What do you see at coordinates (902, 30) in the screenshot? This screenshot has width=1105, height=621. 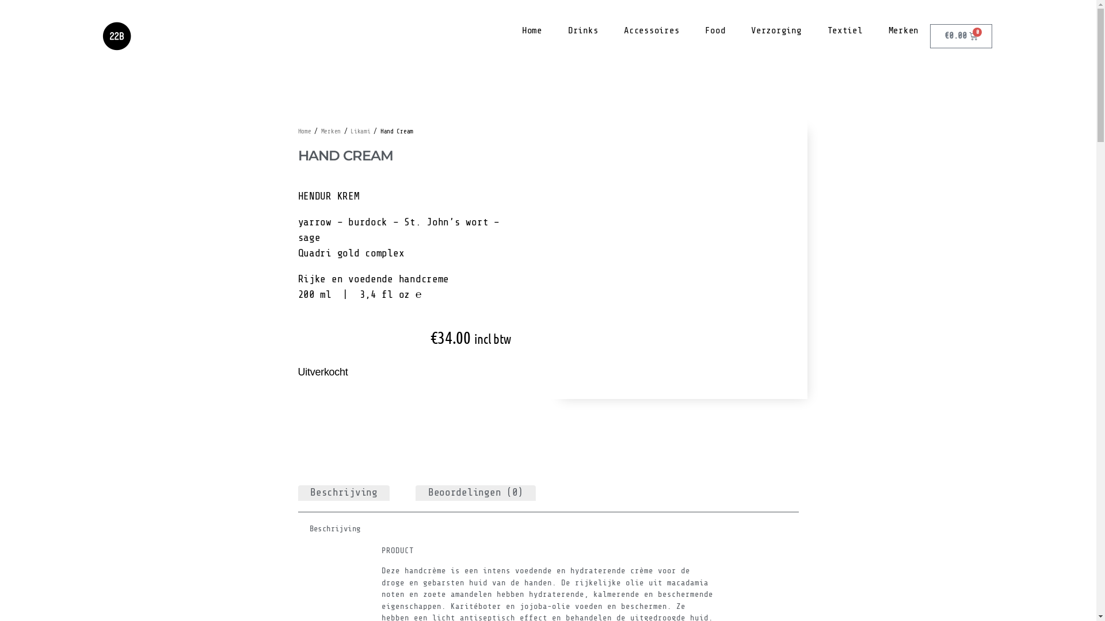 I see `'Merken'` at bounding box center [902, 30].